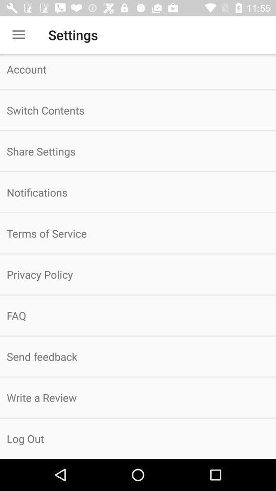 The image size is (276, 491). Describe the element at coordinates (138, 233) in the screenshot. I see `icon above the privacy policy item` at that location.